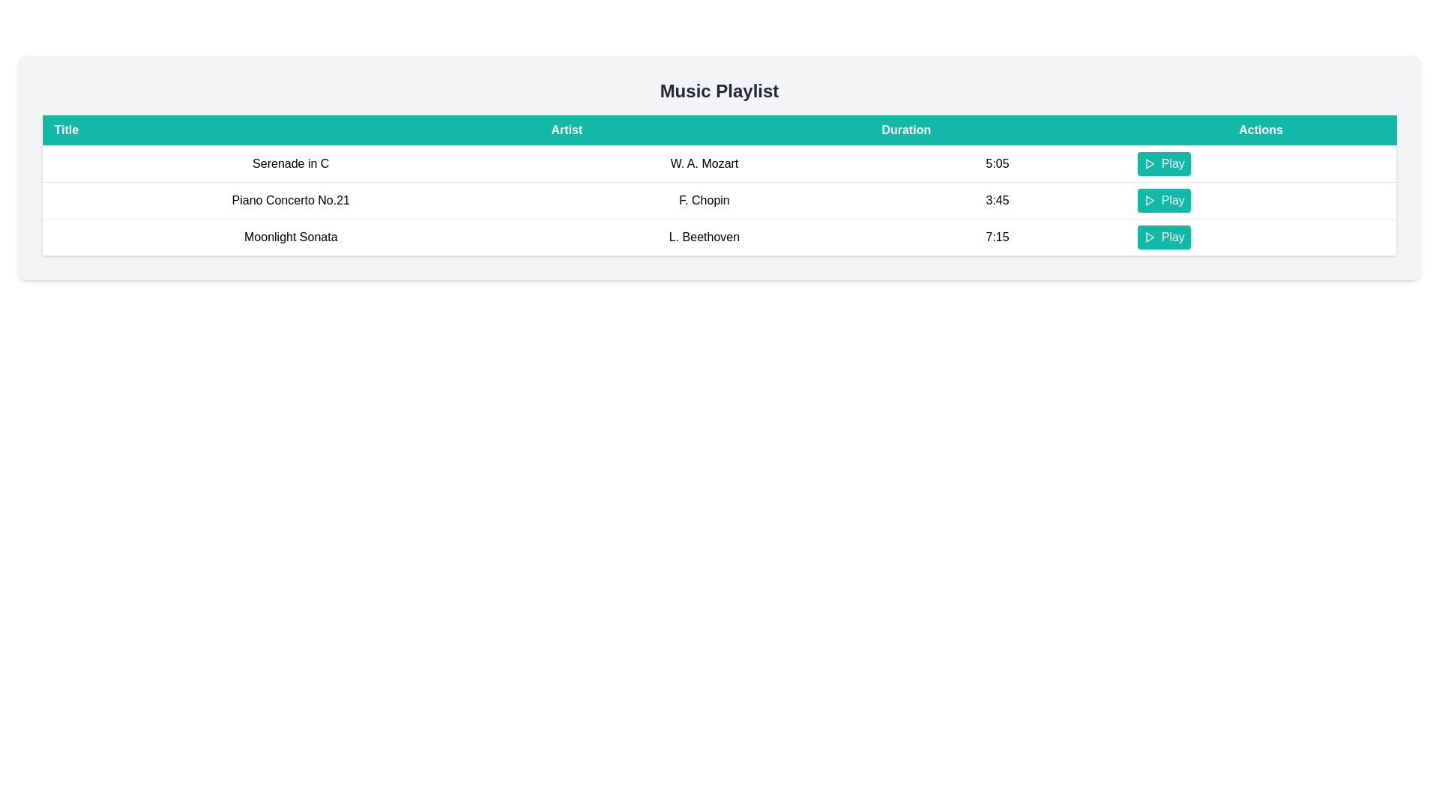 The height and width of the screenshot is (809, 1439). Describe the element at coordinates (291, 164) in the screenshot. I see `the text label displaying the title of the musical composition in the first row and first column of the playlist table` at that location.